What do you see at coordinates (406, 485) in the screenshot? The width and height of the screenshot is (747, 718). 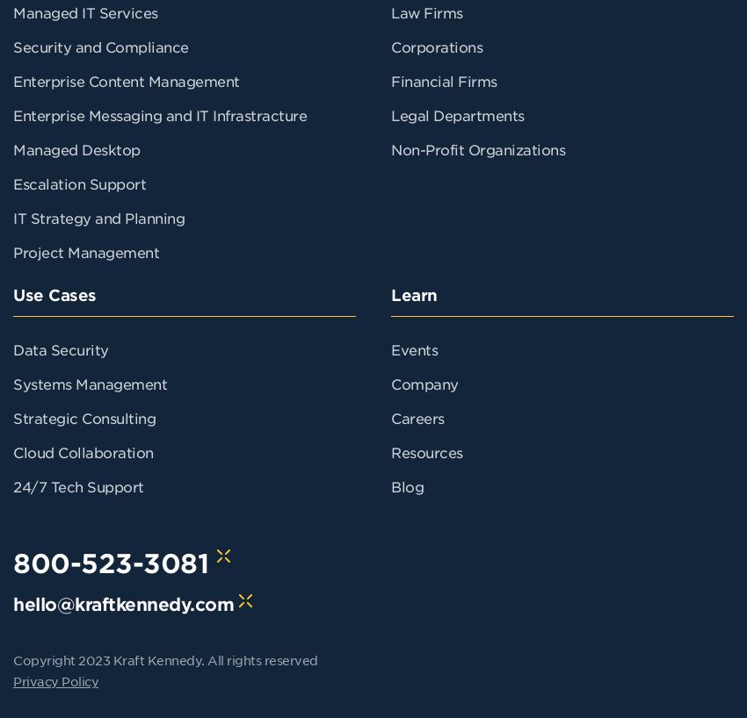 I see `'Blog'` at bounding box center [406, 485].